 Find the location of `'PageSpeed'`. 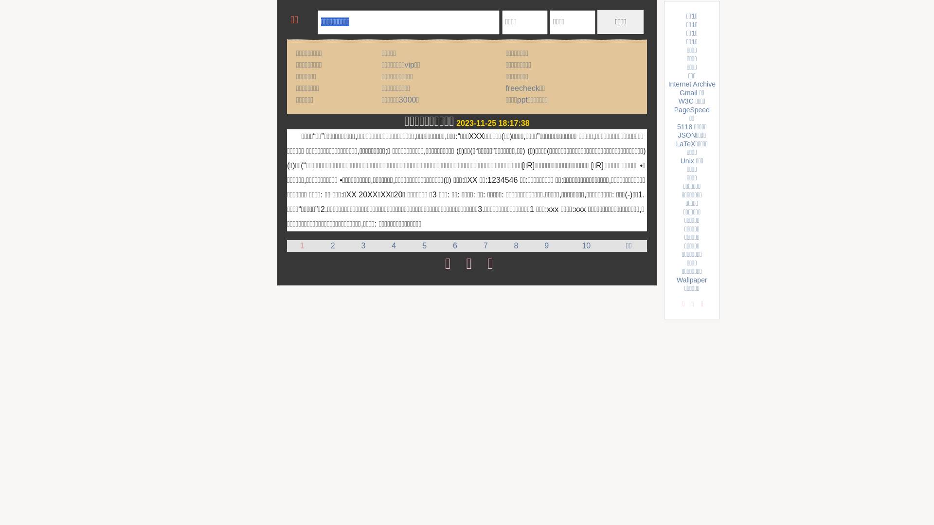

'PageSpeed' is located at coordinates (691, 109).